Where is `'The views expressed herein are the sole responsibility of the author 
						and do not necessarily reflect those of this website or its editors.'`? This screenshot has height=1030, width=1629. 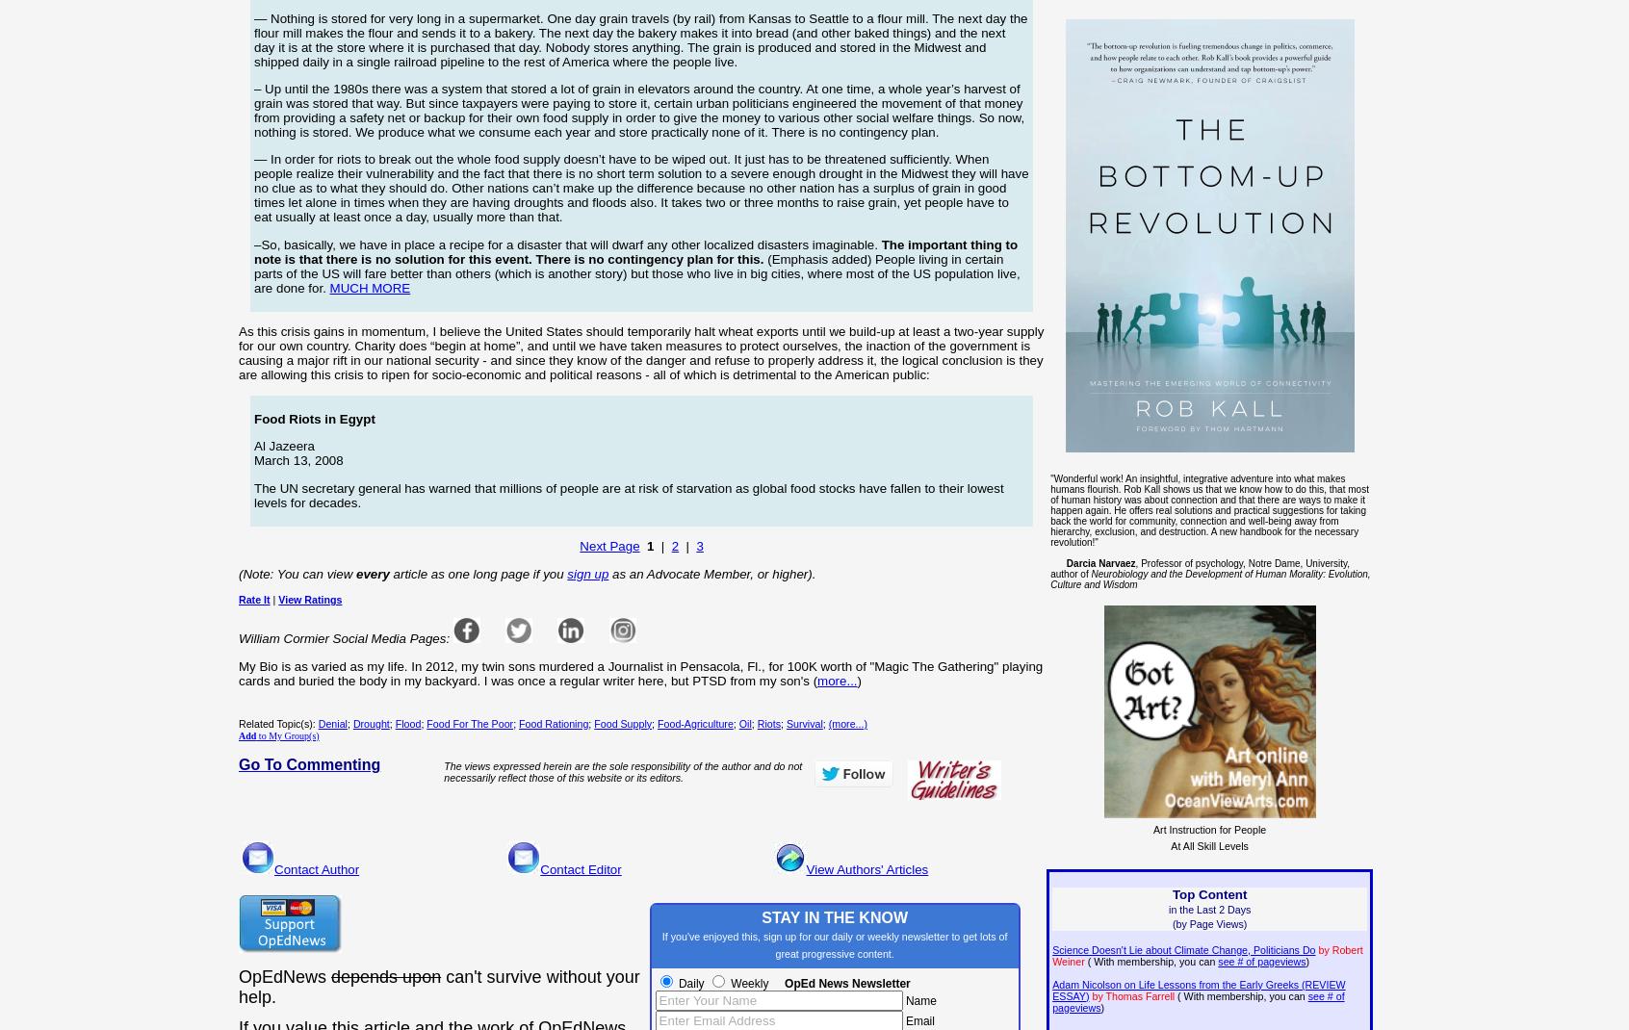 'The views expressed herein are the sole responsibility of the author 
						and do not necessarily reflect those of this website or its editors.' is located at coordinates (623, 770).